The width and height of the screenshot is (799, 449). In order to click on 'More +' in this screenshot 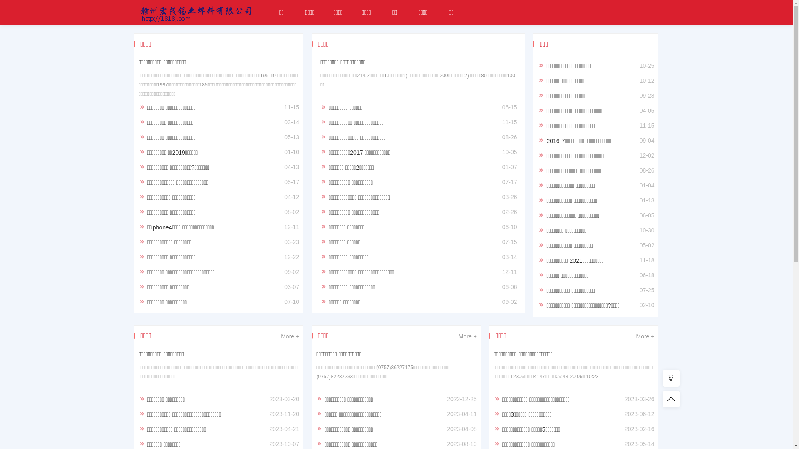, I will do `click(467, 336)`.